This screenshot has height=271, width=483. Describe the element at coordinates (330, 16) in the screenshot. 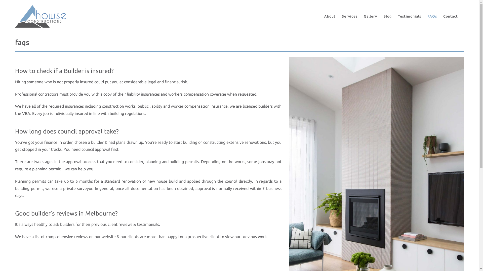

I see `'About'` at that location.